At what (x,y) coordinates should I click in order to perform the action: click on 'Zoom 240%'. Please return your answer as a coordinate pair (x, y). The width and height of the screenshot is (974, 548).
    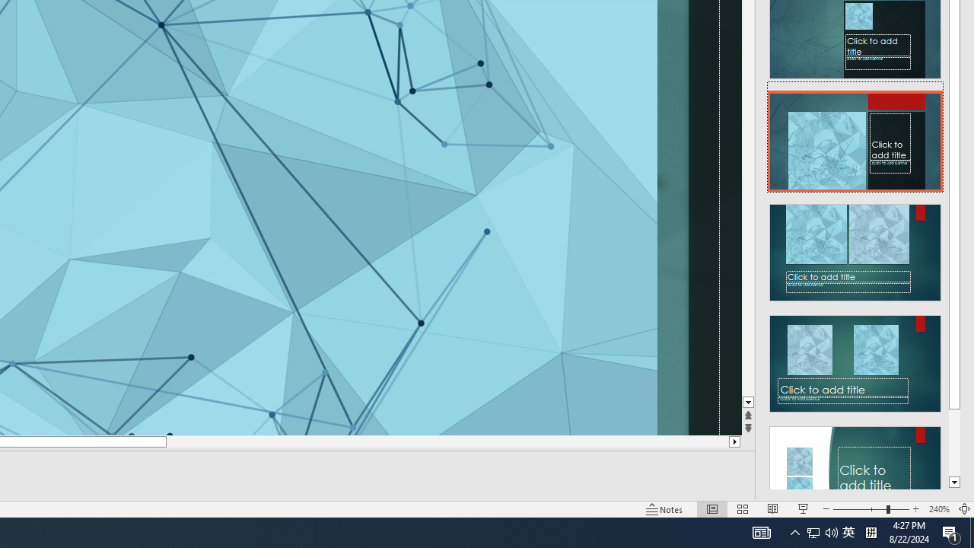
    Looking at the image, I should click on (938, 509).